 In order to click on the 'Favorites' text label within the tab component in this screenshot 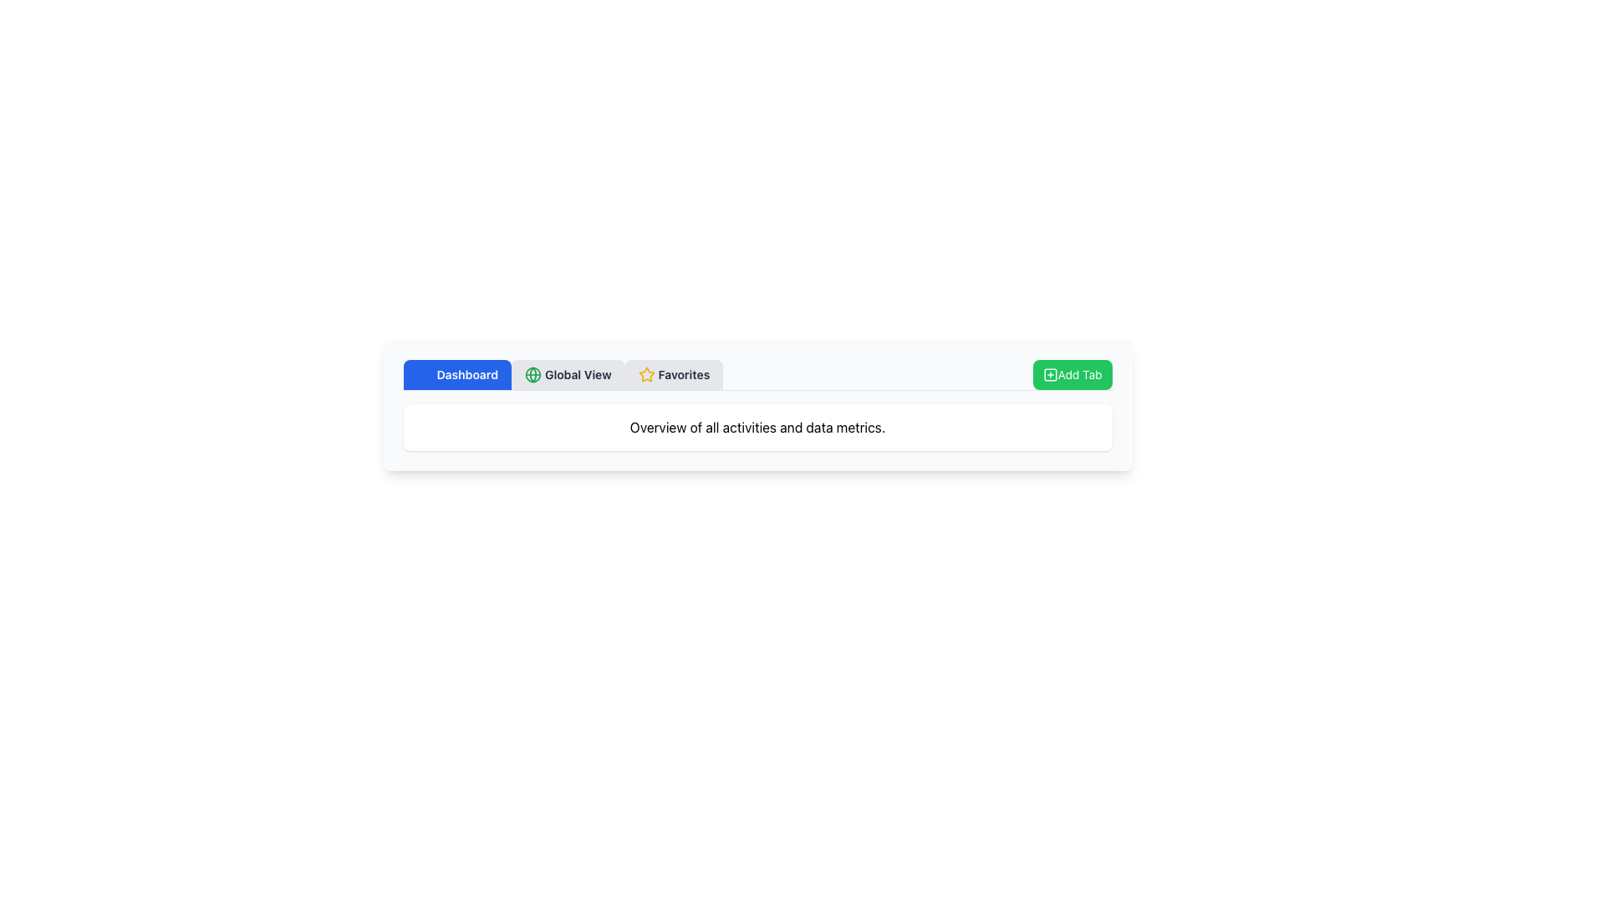, I will do `click(684, 373)`.